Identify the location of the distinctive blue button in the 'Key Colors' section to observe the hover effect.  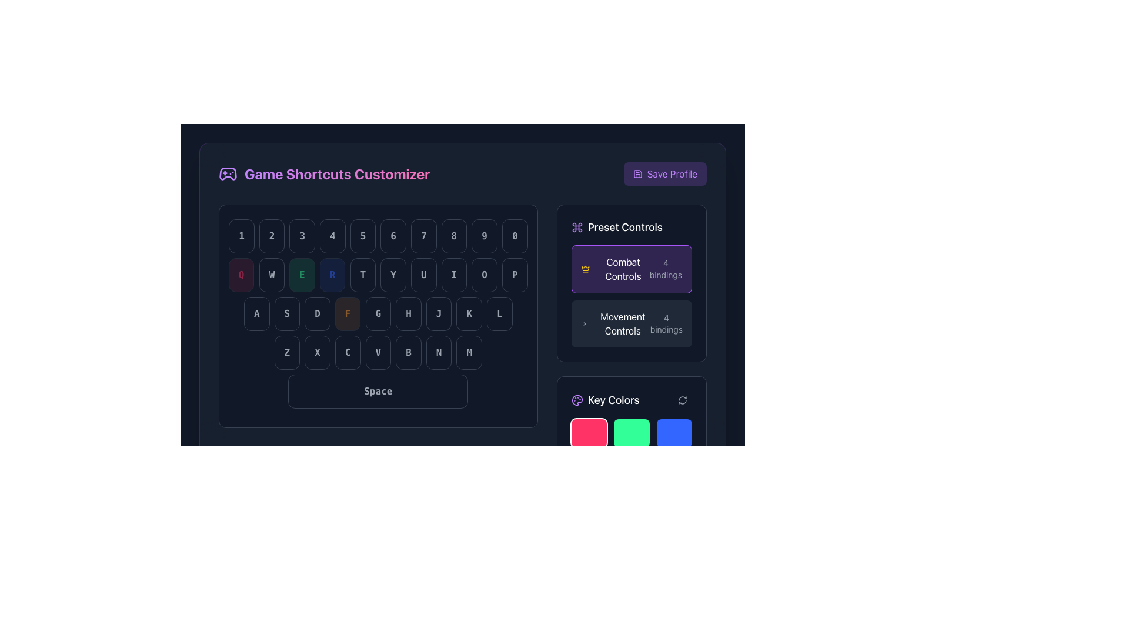
(674, 433).